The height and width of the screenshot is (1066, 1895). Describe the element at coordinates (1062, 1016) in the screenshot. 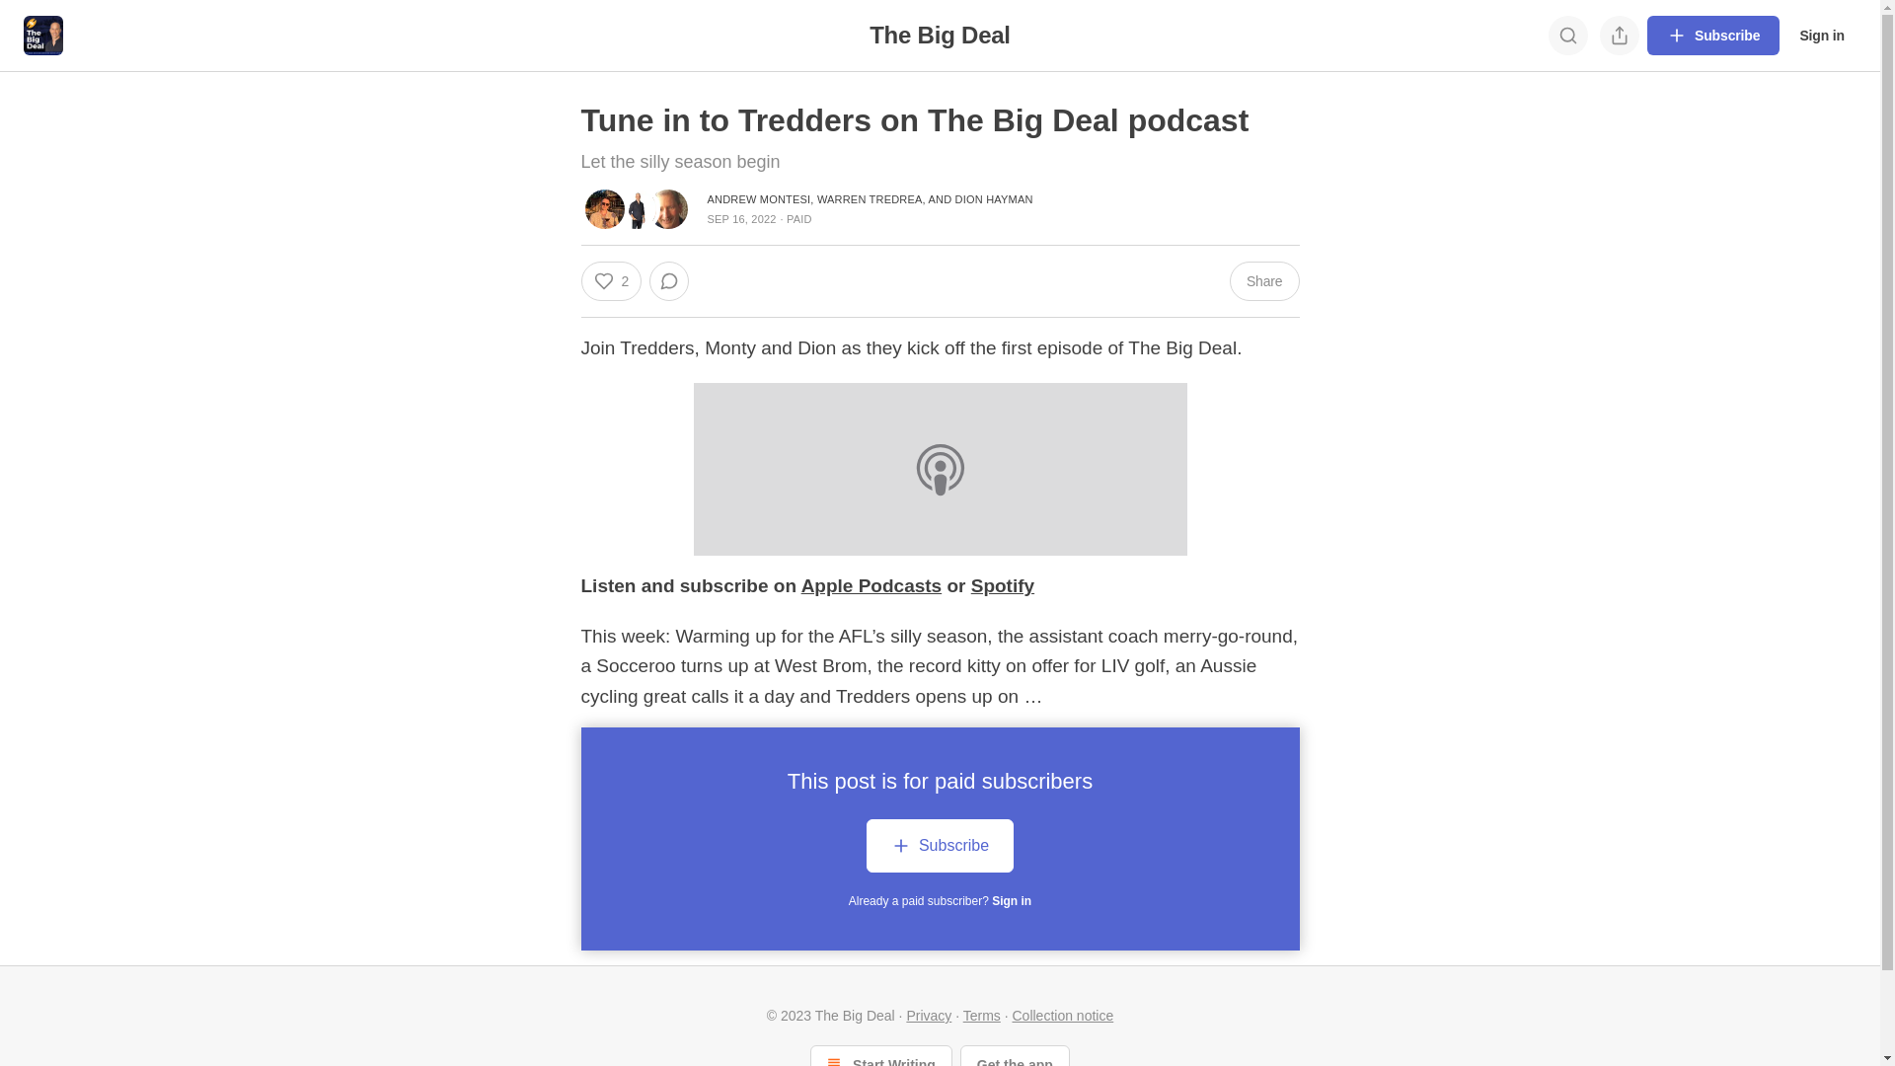

I see `'Collection notice'` at that location.